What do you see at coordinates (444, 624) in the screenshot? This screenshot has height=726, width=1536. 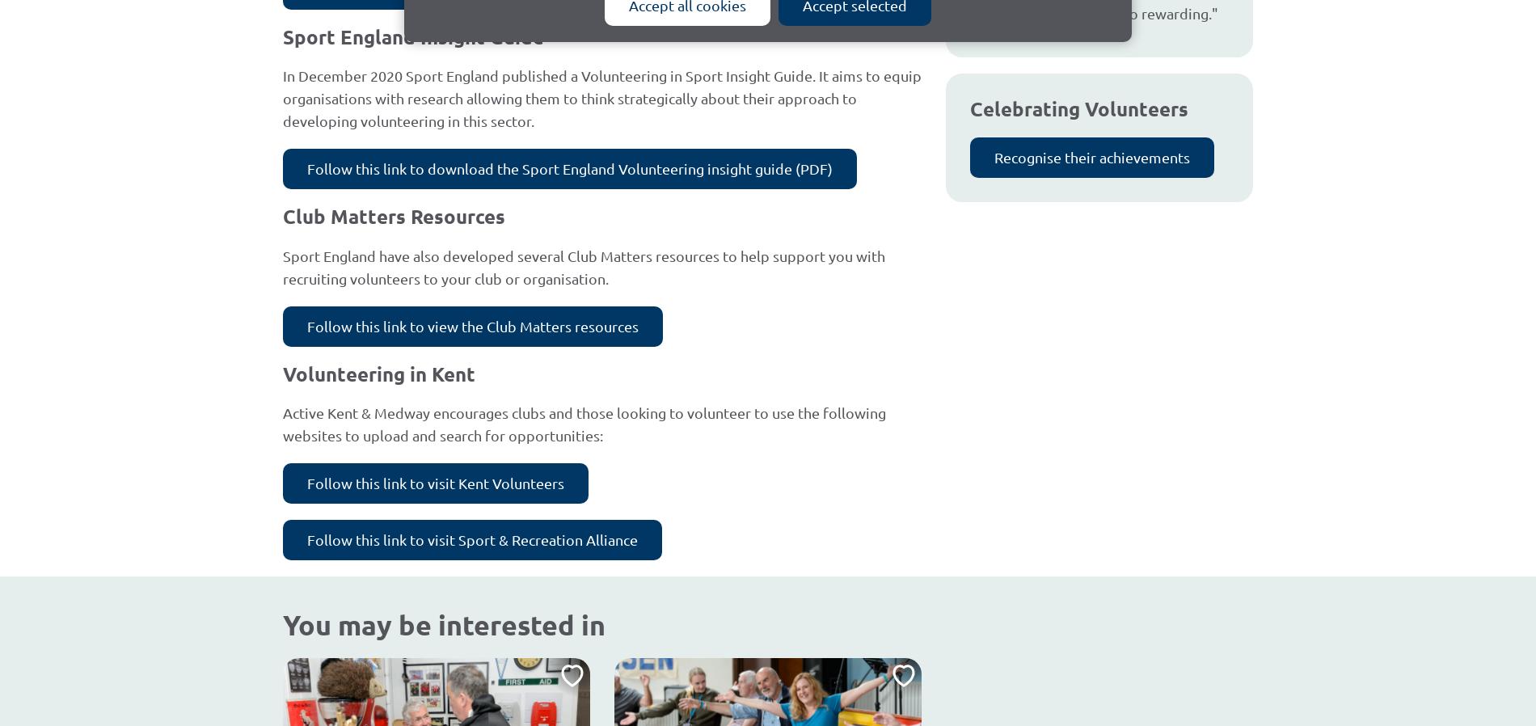 I see `'You may be interested in'` at bounding box center [444, 624].